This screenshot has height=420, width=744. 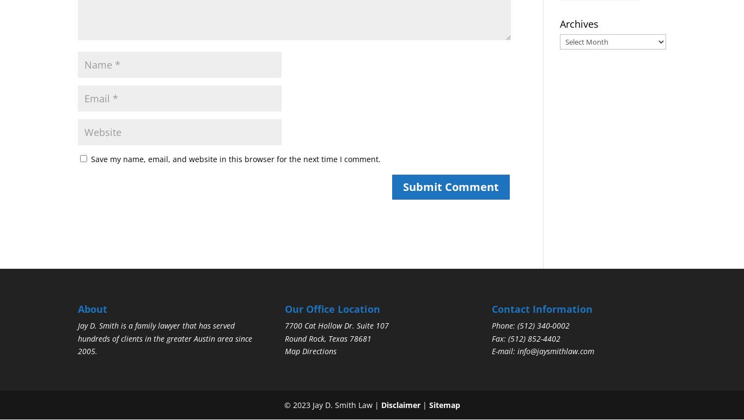 I want to click on 'Round Rock, Texas 78681', so click(x=327, y=337).